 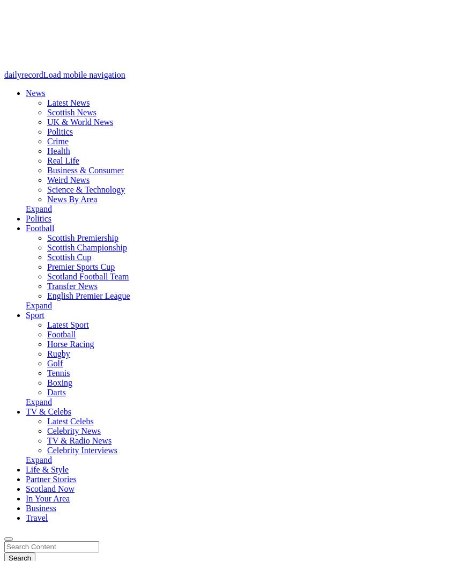 I want to click on 'News', so click(x=34, y=93).